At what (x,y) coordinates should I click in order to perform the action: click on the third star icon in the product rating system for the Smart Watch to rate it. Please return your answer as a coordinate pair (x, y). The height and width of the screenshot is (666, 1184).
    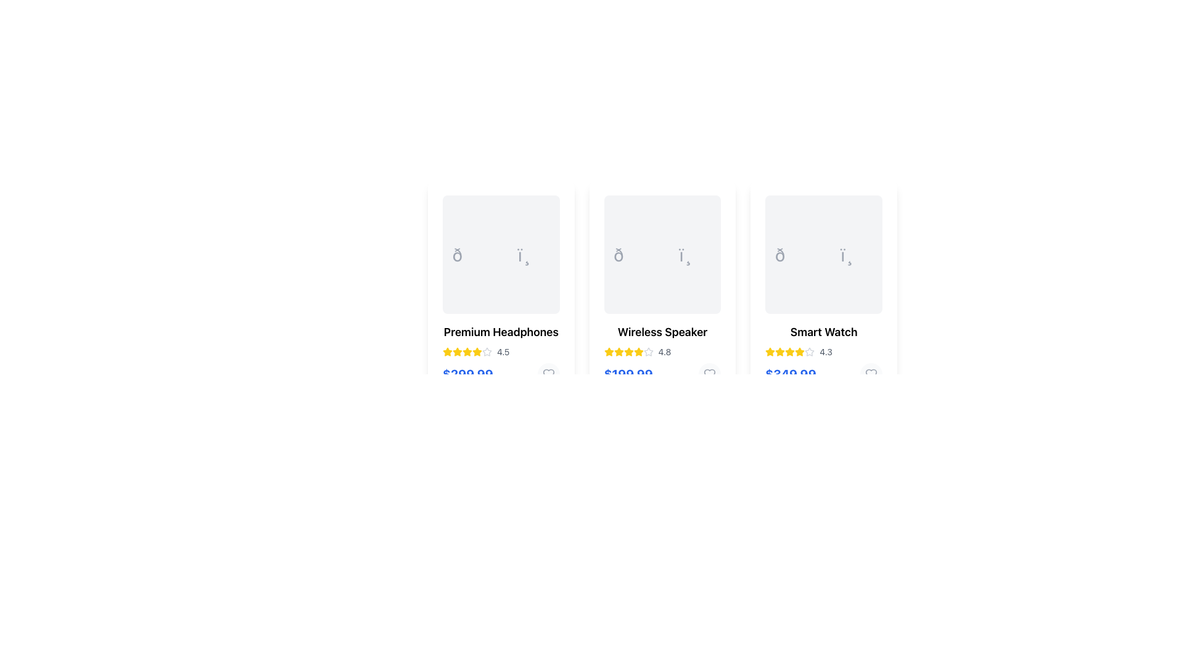
    Looking at the image, I should click on (779, 351).